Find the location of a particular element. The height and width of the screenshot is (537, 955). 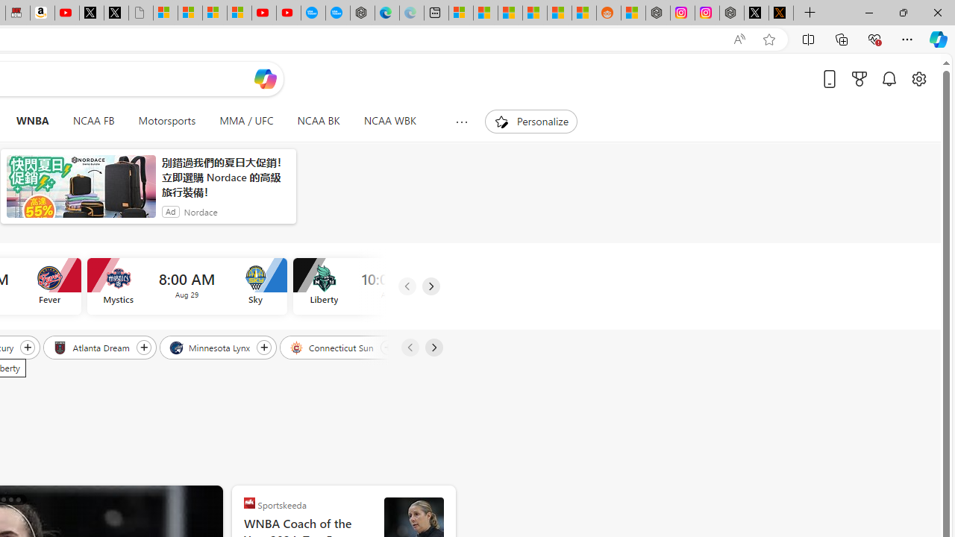

'Show more topics' is located at coordinates (460, 121).